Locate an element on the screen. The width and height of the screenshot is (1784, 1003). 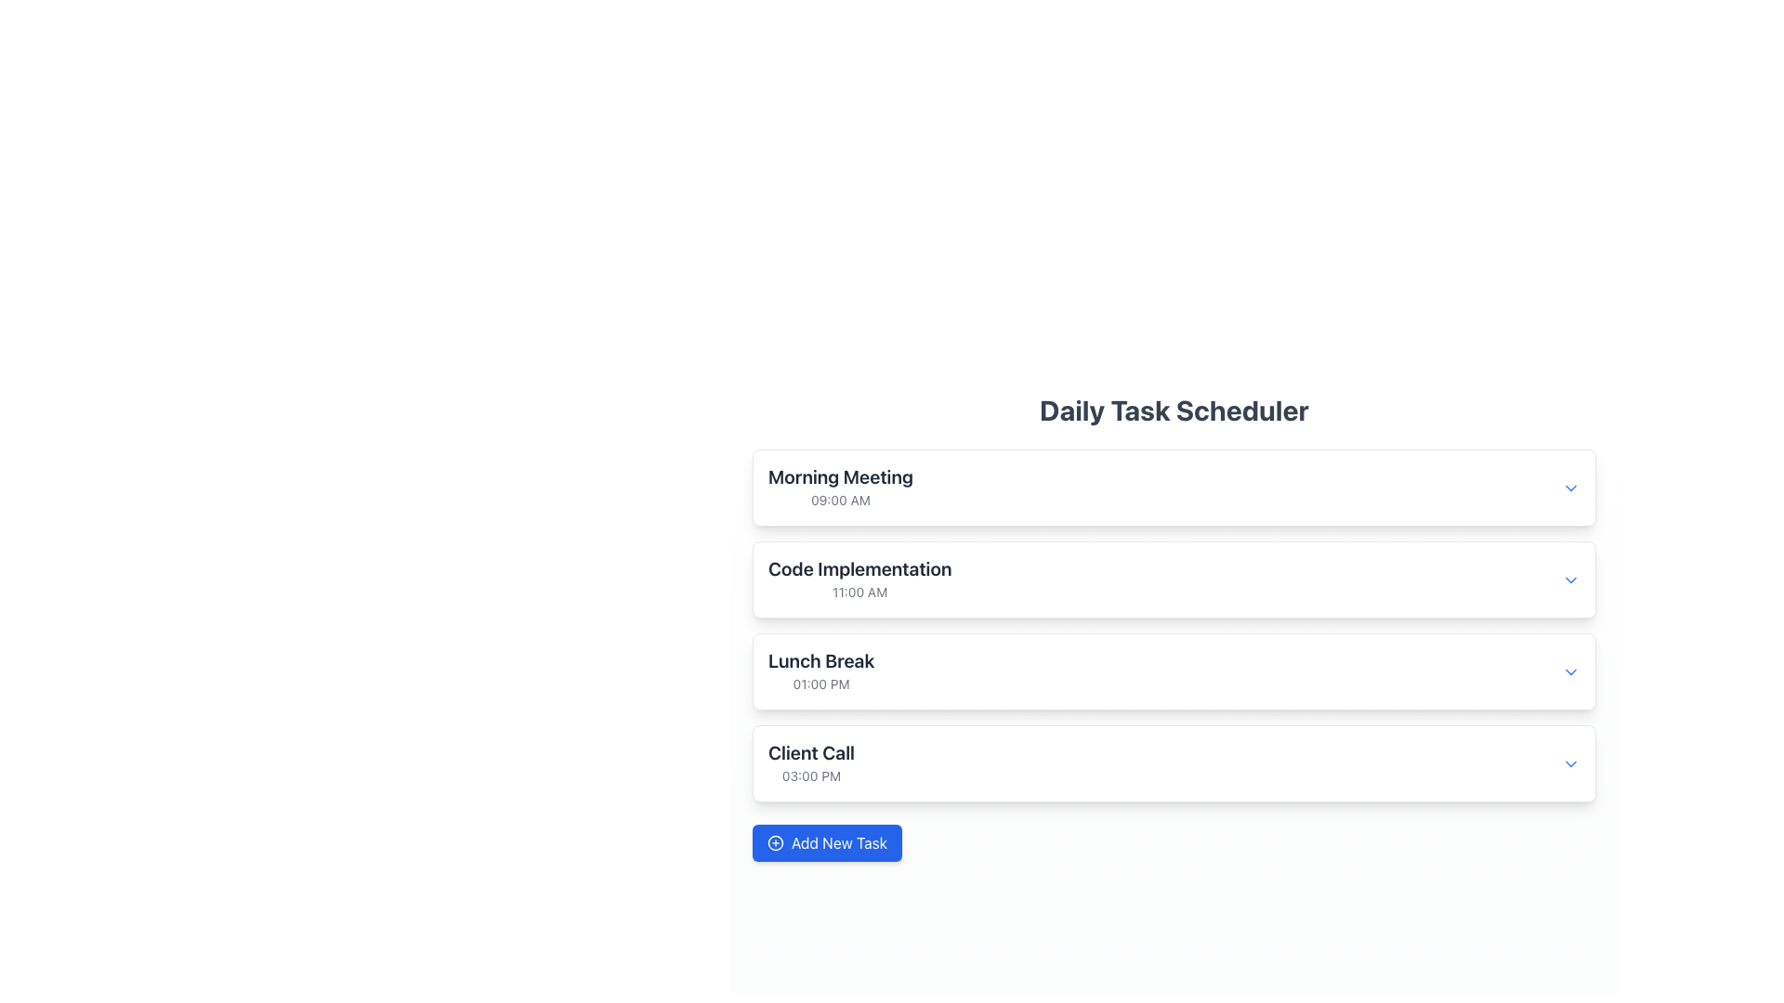
the 'Add Task' button located at the bottom-left section of the task schedule layout is located at coordinates (826, 842).